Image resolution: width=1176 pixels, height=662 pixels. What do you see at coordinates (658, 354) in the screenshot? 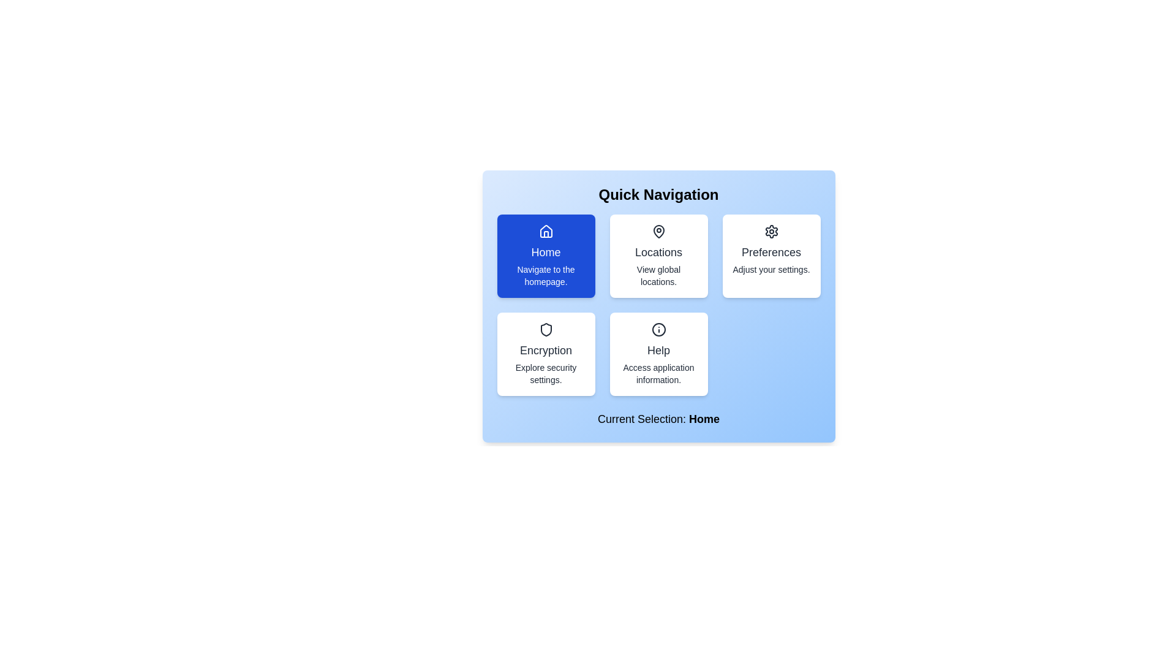
I see `the navigation option Help` at bounding box center [658, 354].